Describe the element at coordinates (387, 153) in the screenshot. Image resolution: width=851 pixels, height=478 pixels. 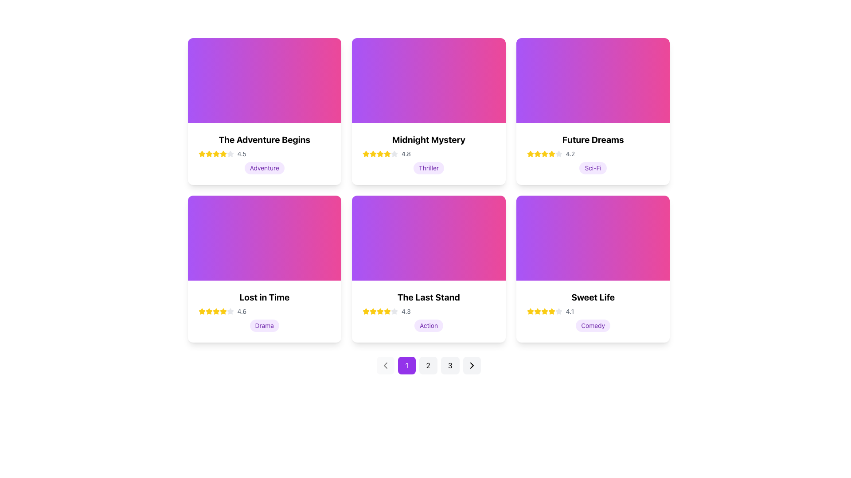
I see `the yellow star-shaped rating icon located in the second column of the rating row below the 'Midnight Mystery' card to focus on it` at that location.